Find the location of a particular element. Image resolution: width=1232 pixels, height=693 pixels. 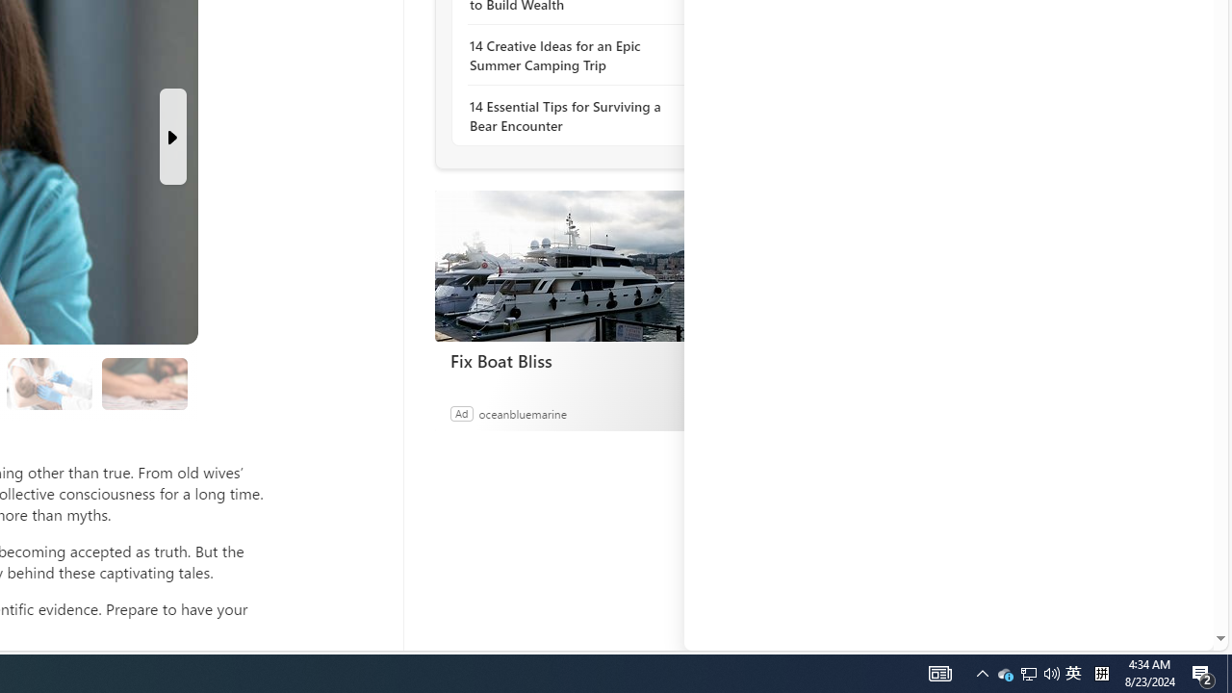

'Next Slide' is located at coordinates (172, 136).